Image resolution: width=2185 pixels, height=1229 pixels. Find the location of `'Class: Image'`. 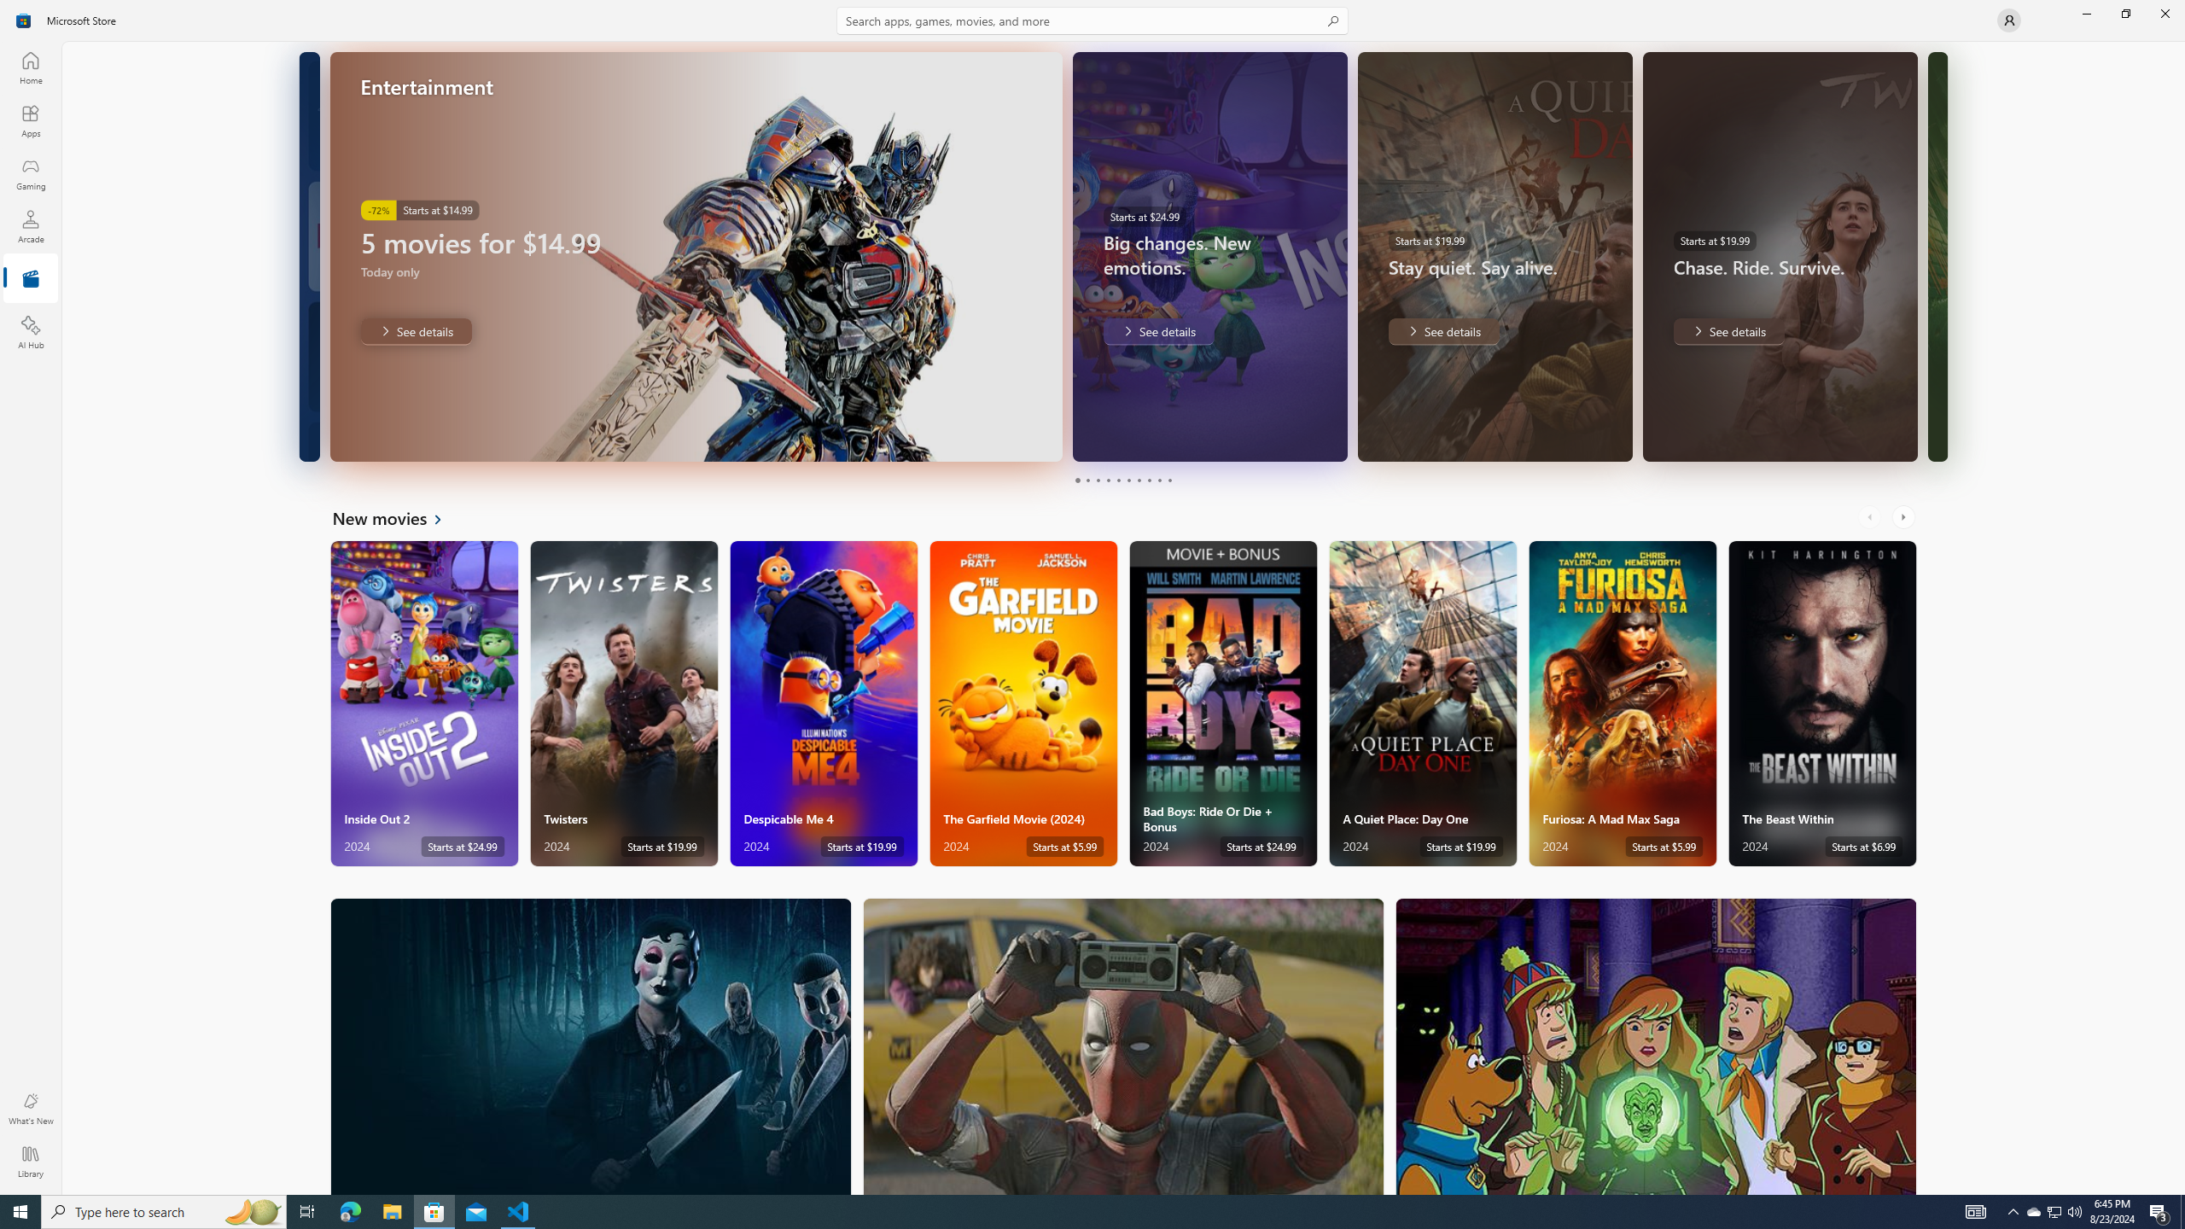

'Class: Image' is located at coordinates (24, 19).